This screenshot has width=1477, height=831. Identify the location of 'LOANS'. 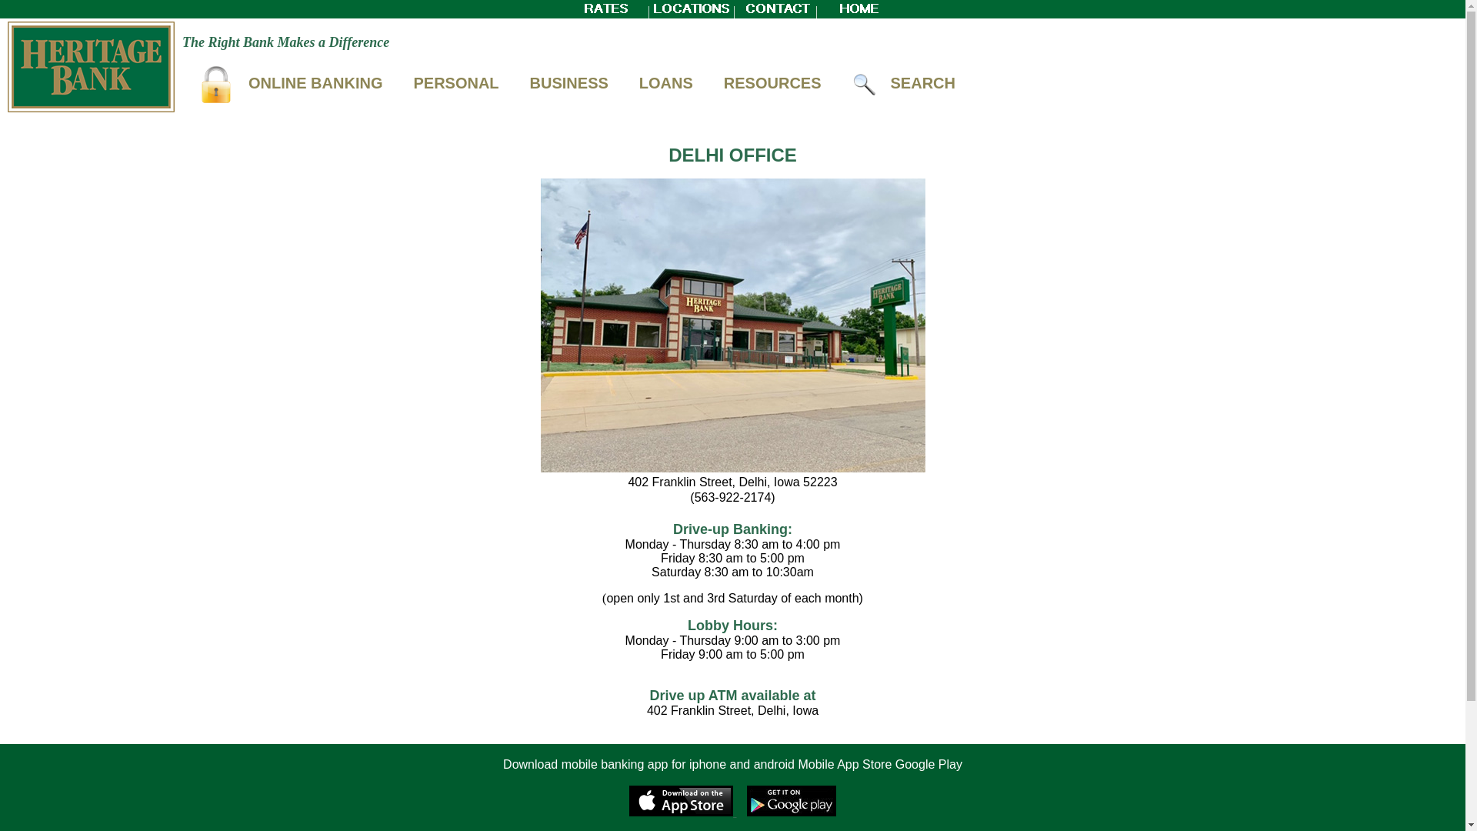
(624, 83).